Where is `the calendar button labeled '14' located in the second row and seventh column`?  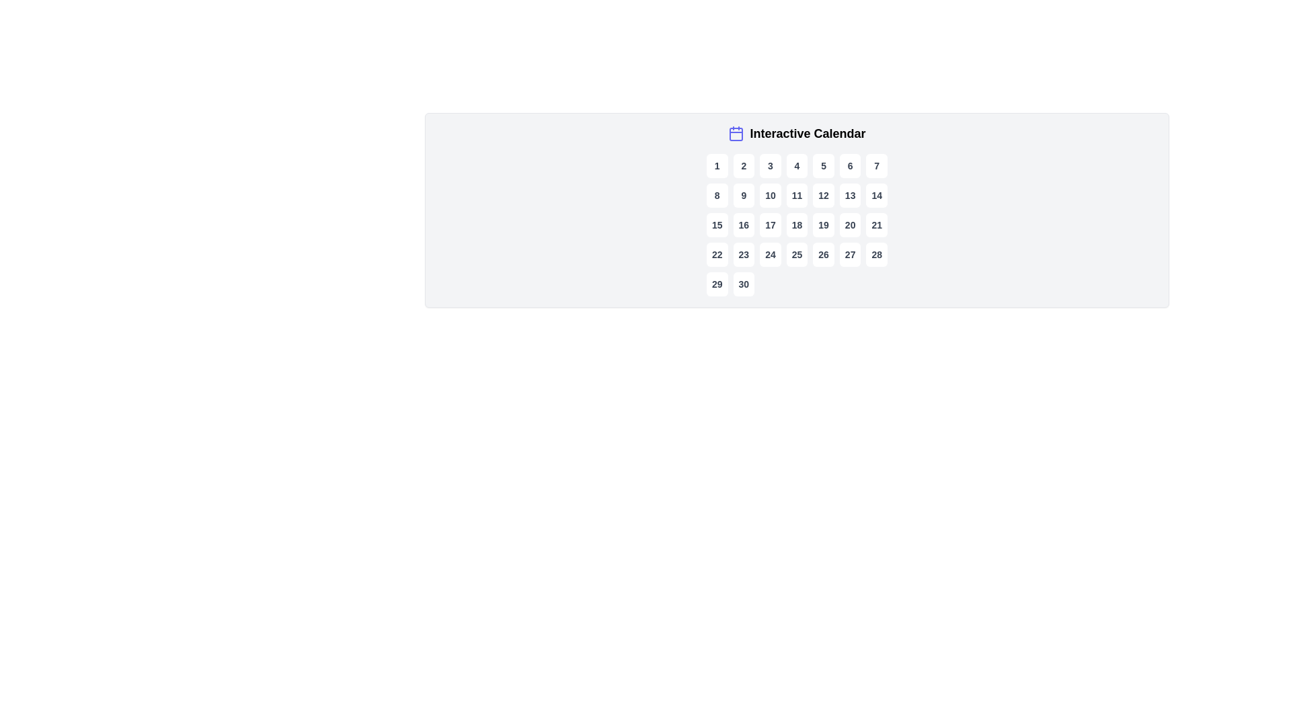 the calendar button labeled '14' located in the second row and seventh column is located at coordinates (877, 195).